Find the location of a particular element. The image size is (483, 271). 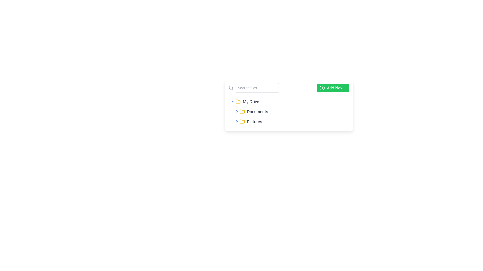

the green button labeled 'Add New...' is located at coordinates (333, 88).